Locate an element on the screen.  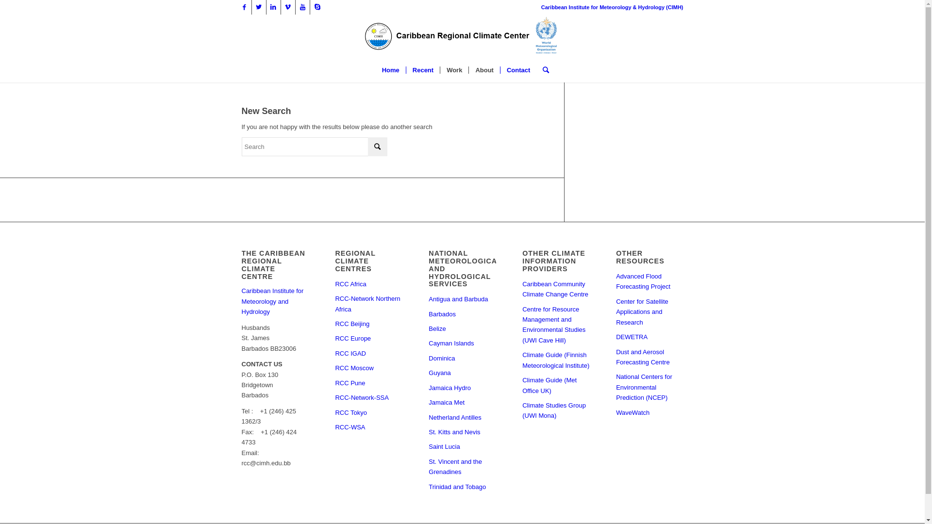
'About' is located at coordinates (484, 70).